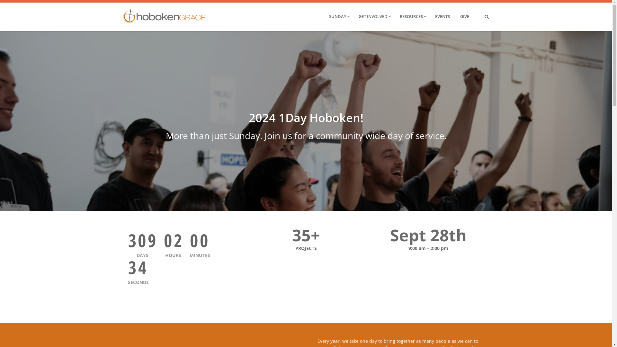 This screenshot has width=617, height=347. What do you see at coordinates (464, 16) in the screenshot?
I see `'GIVE'` at bounding box center [464, 16].